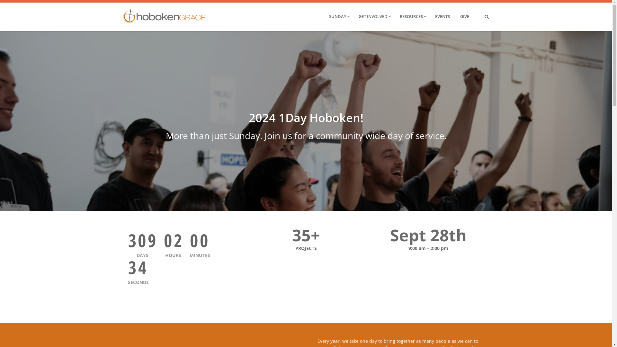 This screenshot has width=617, height=347. What do you see at coordinates (464, 16) in the screenshot?
I see `'GIVE'` at bounding box center [464, 16].